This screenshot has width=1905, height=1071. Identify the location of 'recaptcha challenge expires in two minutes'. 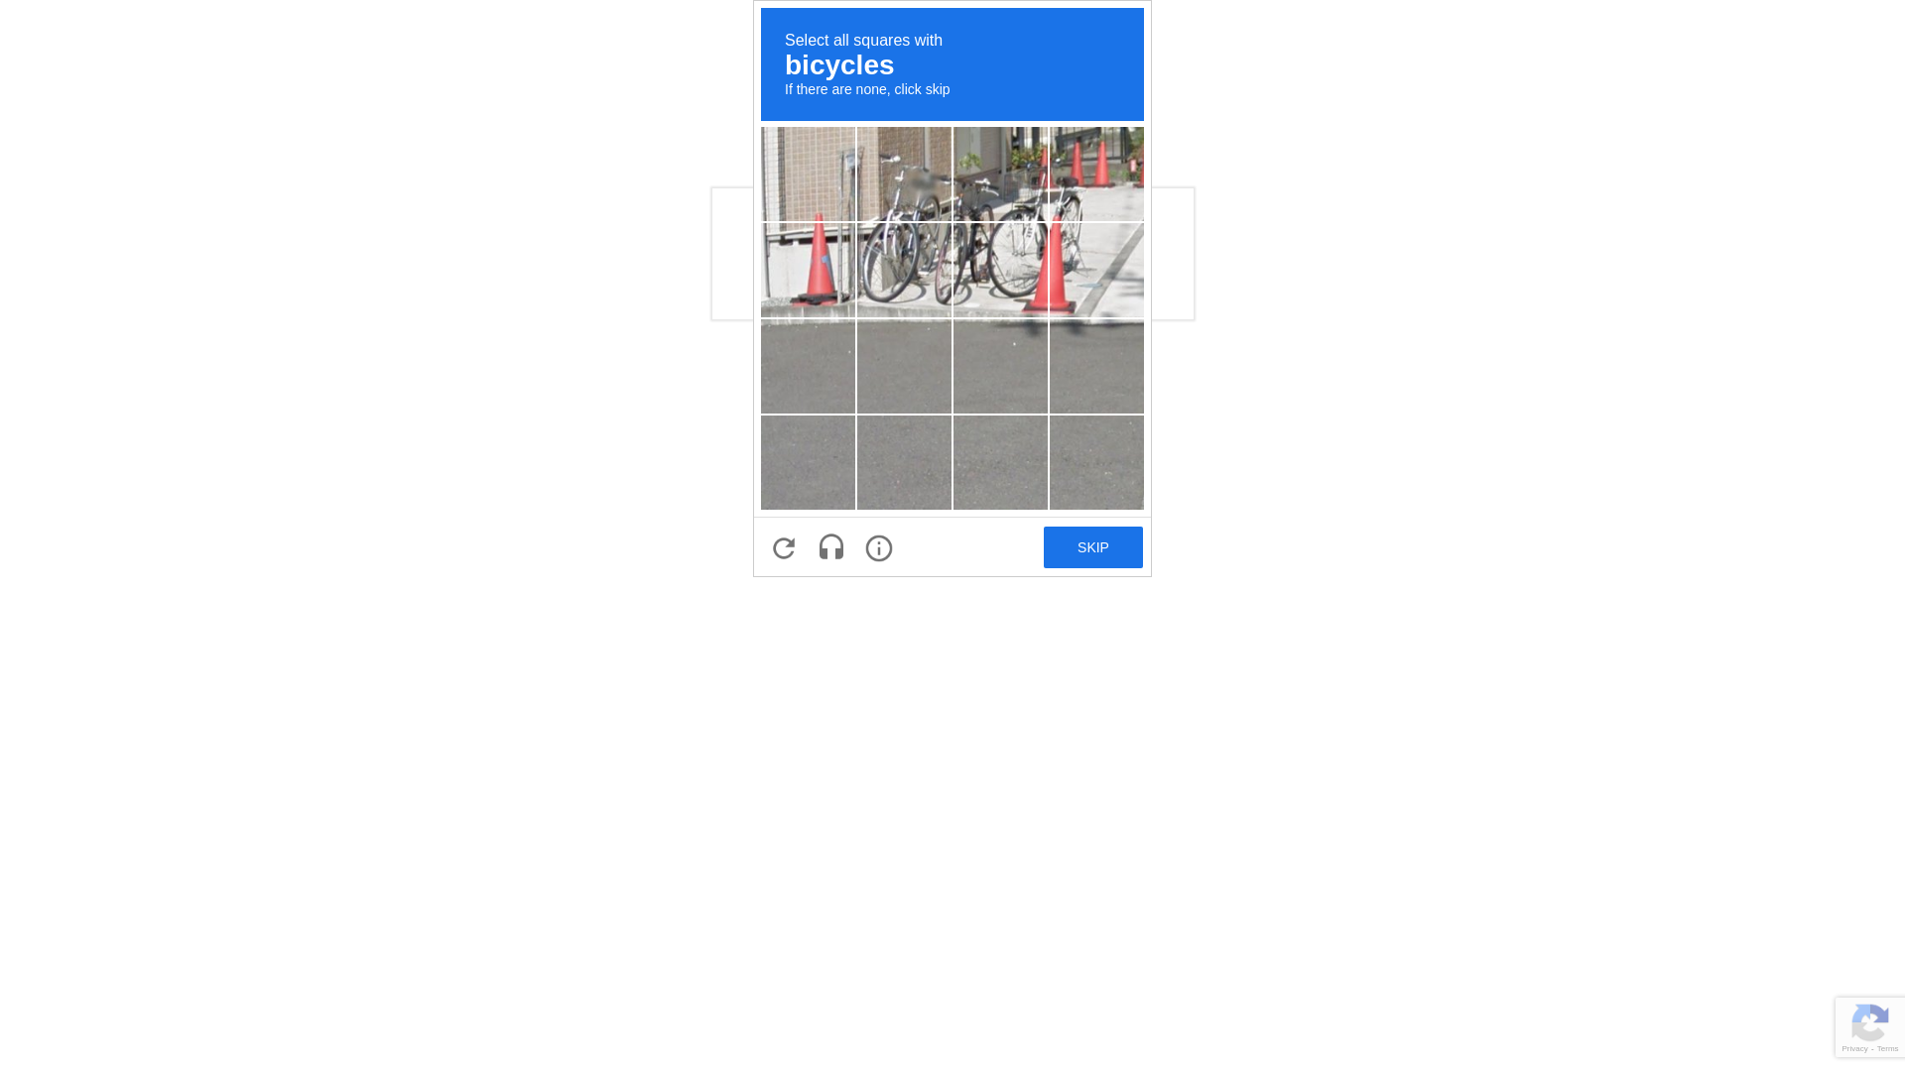
(952, 288).